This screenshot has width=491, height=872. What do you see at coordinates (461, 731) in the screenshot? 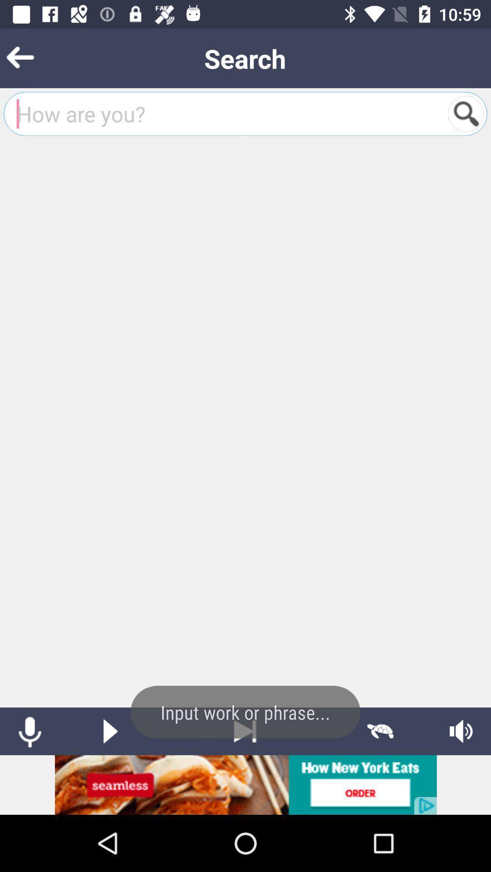
I see `audio` at bounding box center [461, 731].